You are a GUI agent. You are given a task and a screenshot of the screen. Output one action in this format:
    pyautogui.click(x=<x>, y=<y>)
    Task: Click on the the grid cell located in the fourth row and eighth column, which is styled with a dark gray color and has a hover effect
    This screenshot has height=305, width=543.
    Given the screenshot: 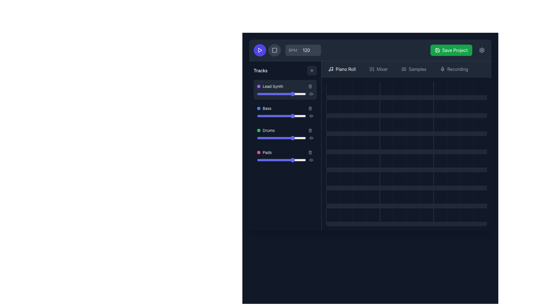 What is the action you would take?
    pyautogui.click(x=426, y=124)
    